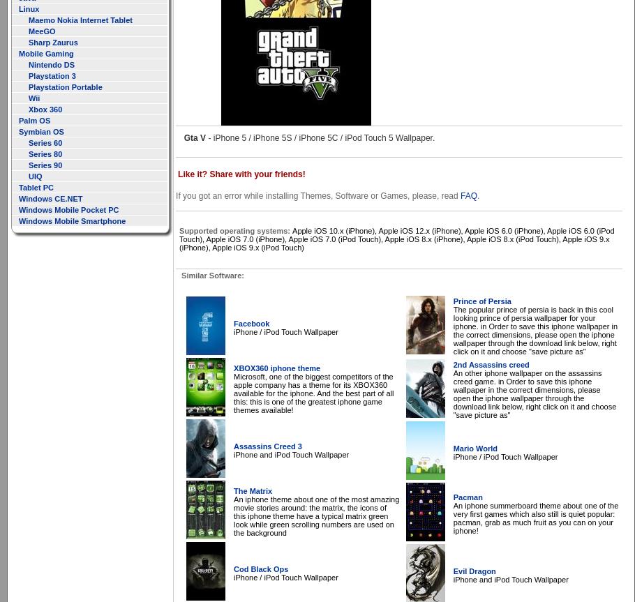 This screenshot has height=602, width=635. I want to click on 'Microsoft, one of the biggest competitors of the apple company has a theme for its XBOX360 available for the iphone. And the best part of all this: this is one of the greatest iphone game themes available!', so click(313, 393).